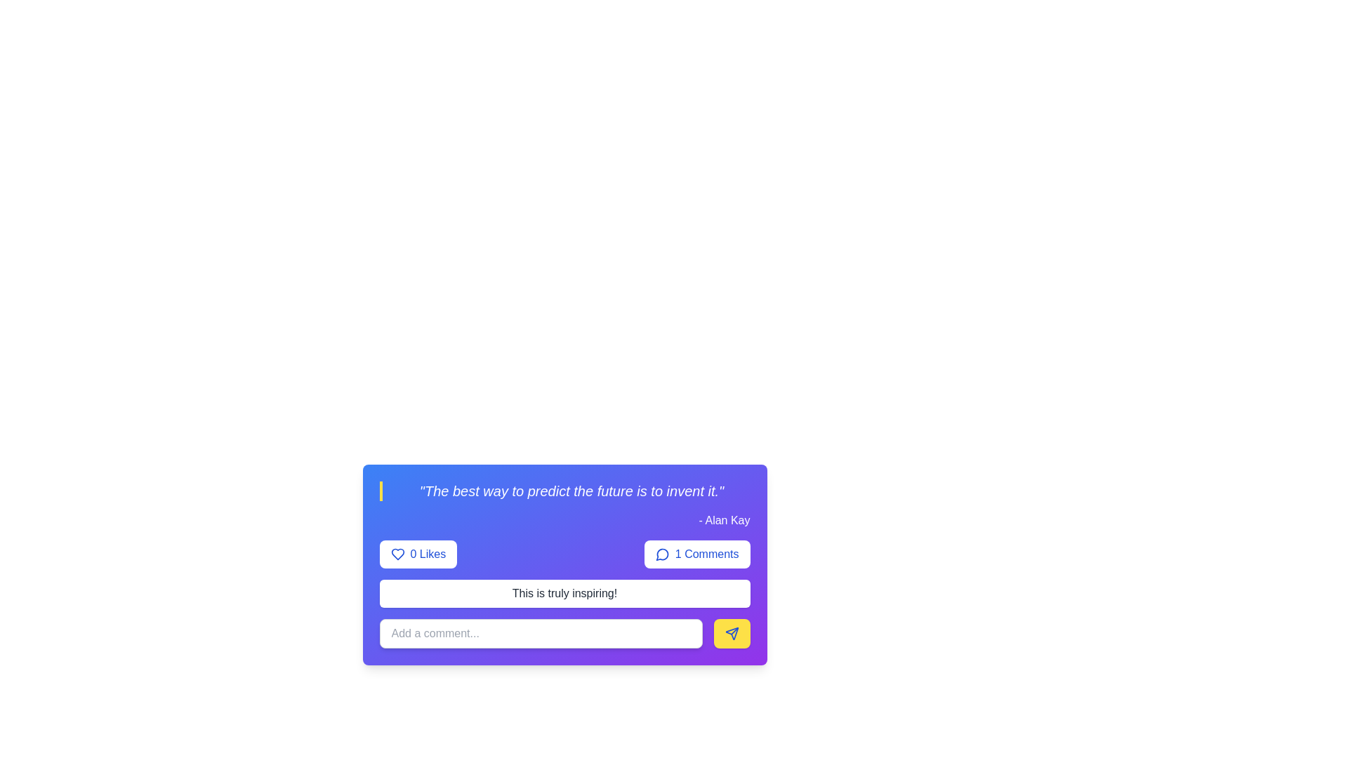 The height and width of the screenshot is (758, 1348). What do you see at coordinates (697, 554) in the screenshot?
I see `the button with white background and blue text labeled '1 Comments', which has a speech bubble icon` at bounding box center [697, 554].